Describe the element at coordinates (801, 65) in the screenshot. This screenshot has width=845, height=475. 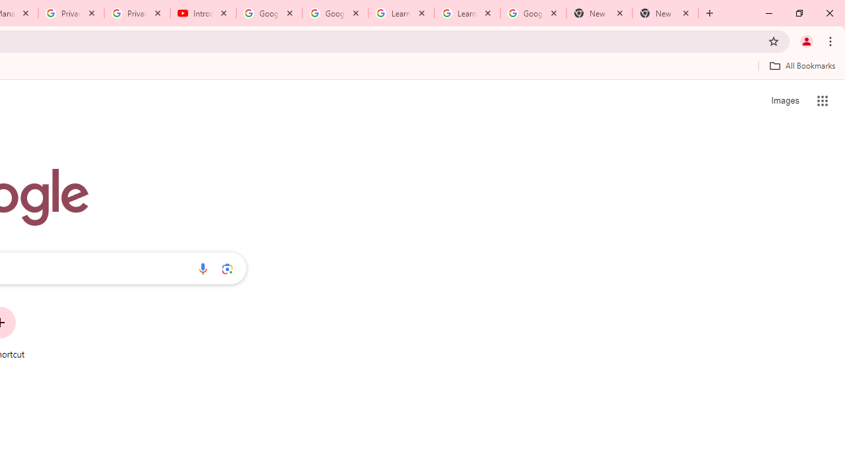
I see `'All Bookmarks'` at that location.